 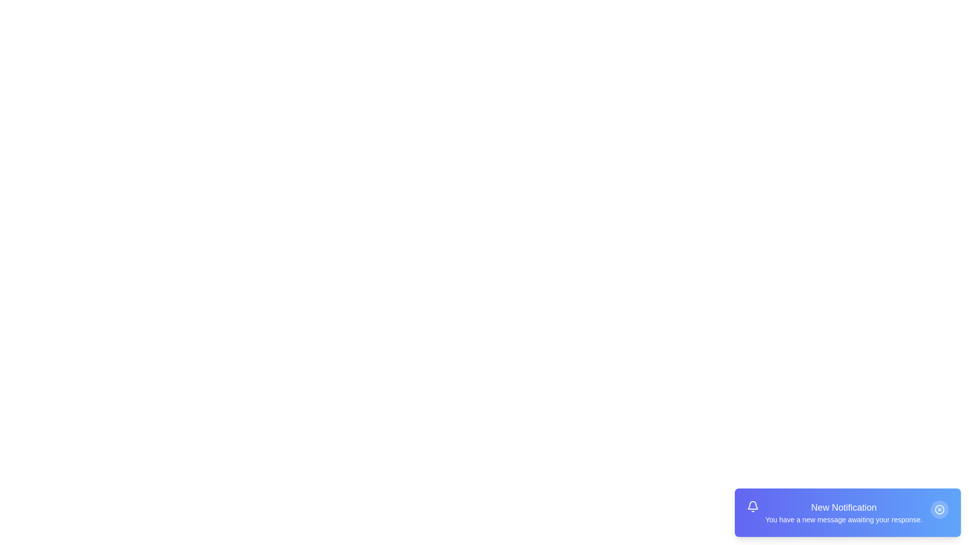 I want to click on the close button to dismiss the snackbar, so click(x=939, y=510).